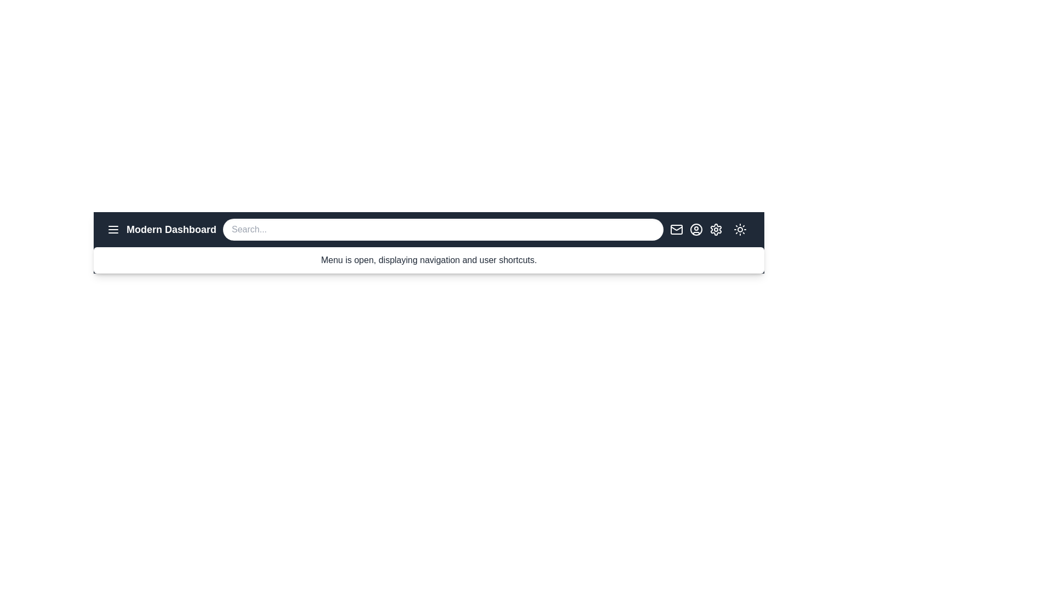 This screenshot has height=592, width=1052. Describe the element at coordinates (676, 229) in the screenshot. I see `the mail icon to access the mail functionality` at that location.